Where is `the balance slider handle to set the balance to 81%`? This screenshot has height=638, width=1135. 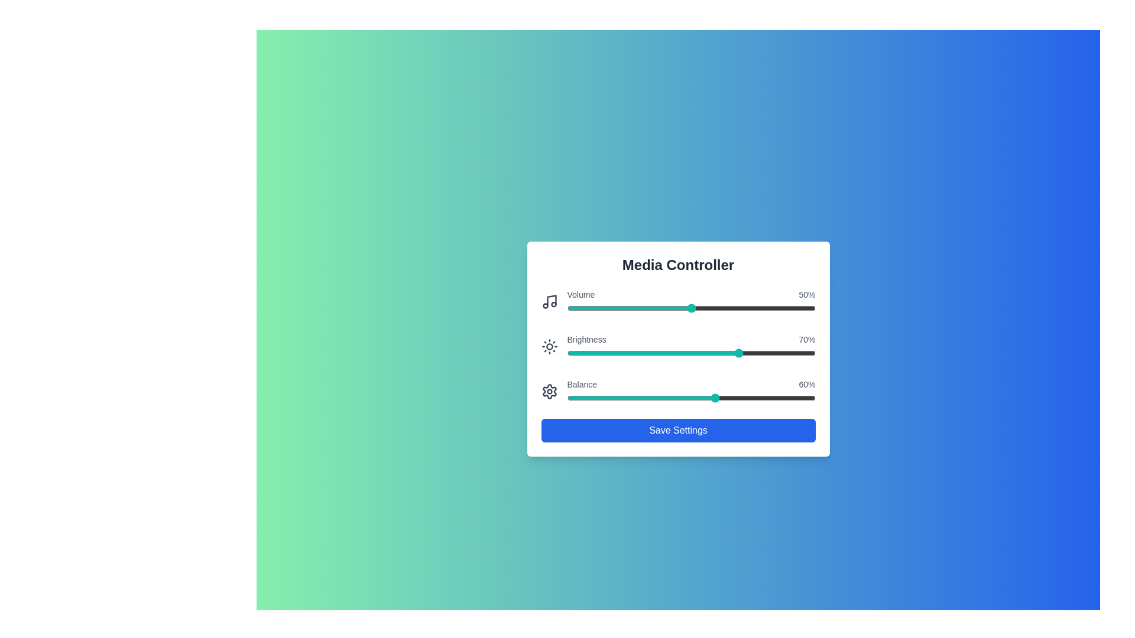 the balance slider handle to set the balance to 81% is located at coordinates (768, 398).